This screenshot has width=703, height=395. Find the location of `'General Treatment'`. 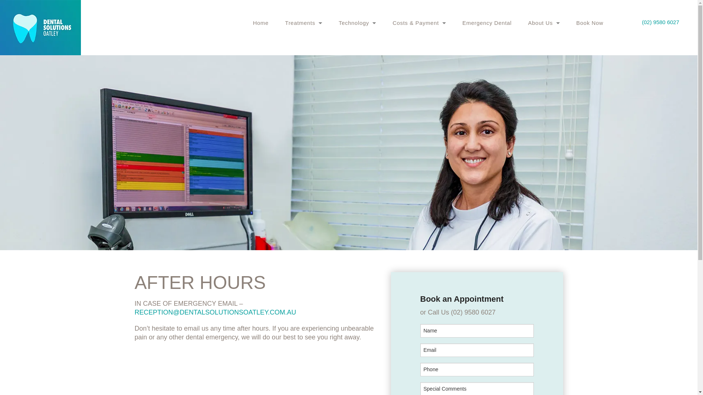

'General Treatment' is located at coordinates (304, 41).